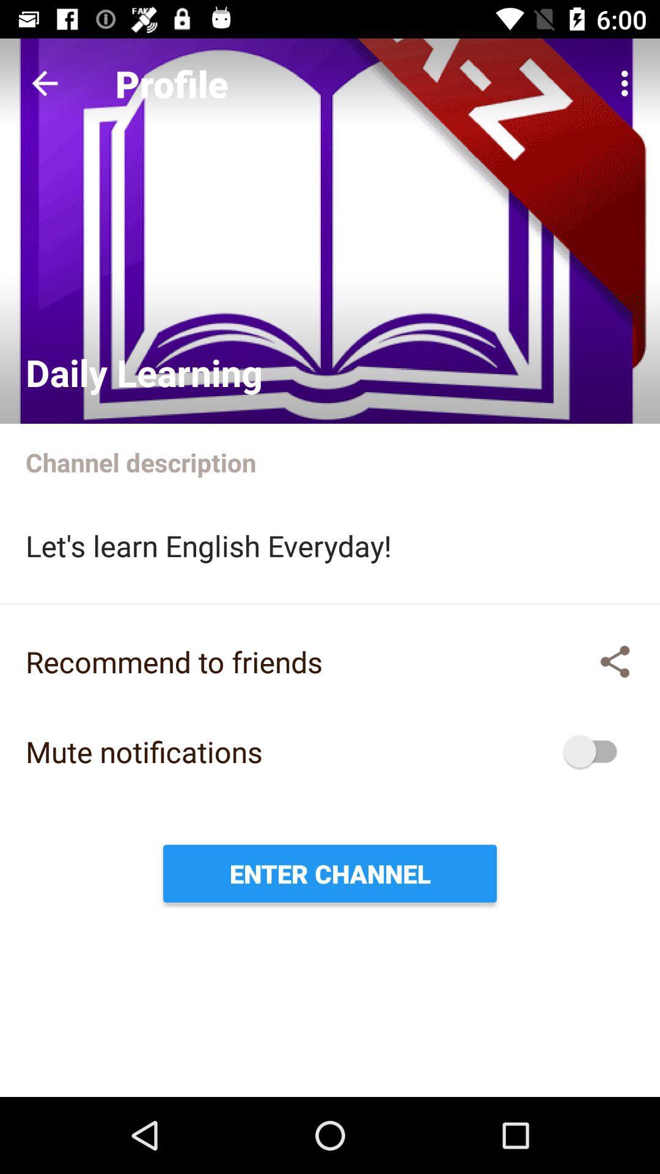  What do you see at coordinates (628, 83) in the screenshot?
I see `the app to the right of profile icon` at bounding box center [628, 83].